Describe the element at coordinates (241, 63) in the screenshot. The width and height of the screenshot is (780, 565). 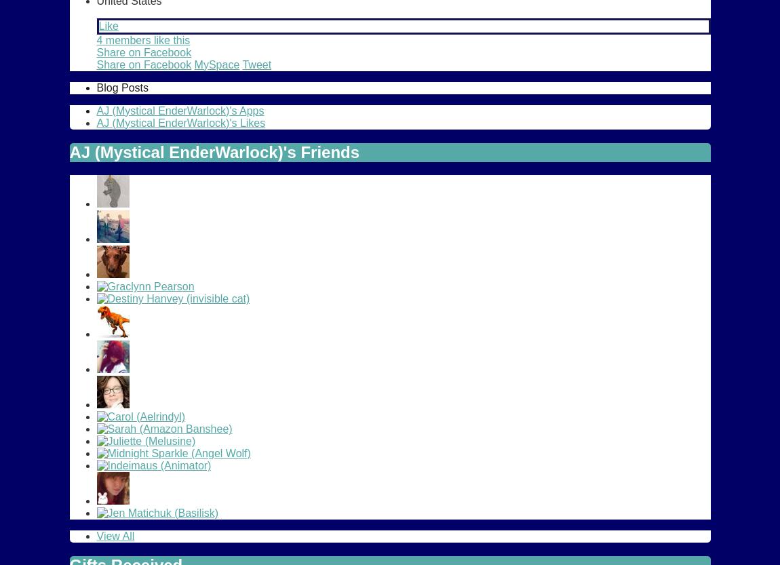
I see `'Tweet'` at that location.